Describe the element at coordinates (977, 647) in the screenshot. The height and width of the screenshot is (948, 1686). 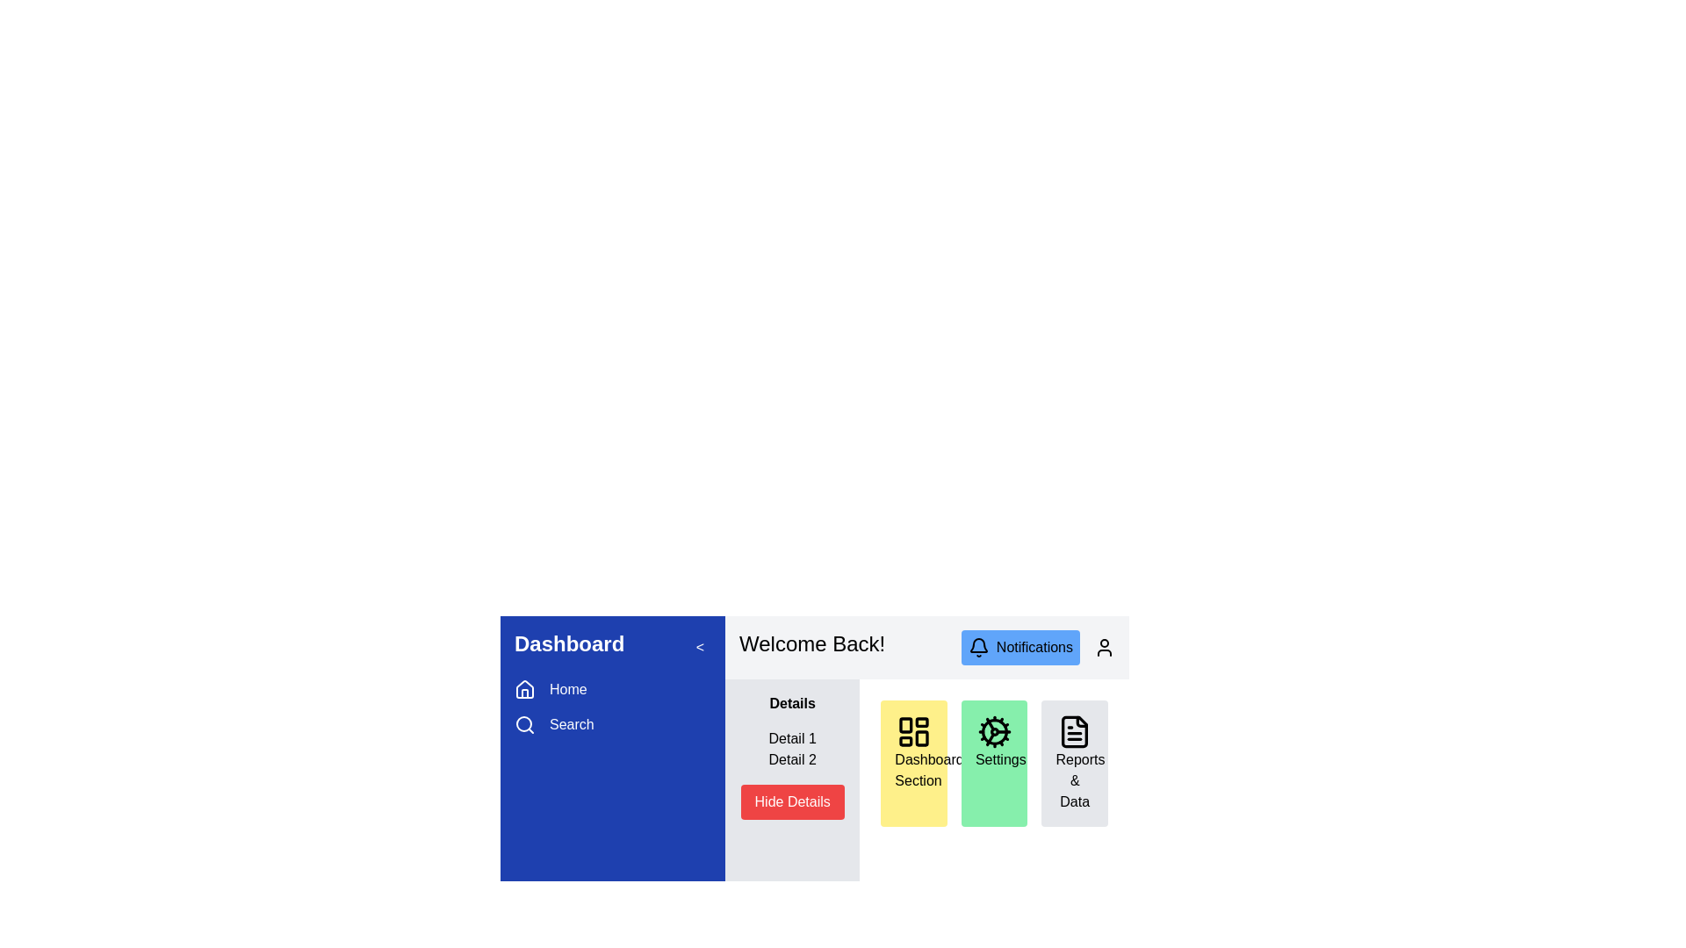
I see `the notifications icon, which is represented as a bell located to the left of the 'Notifications' label in the top-right section of the interface` at that location.